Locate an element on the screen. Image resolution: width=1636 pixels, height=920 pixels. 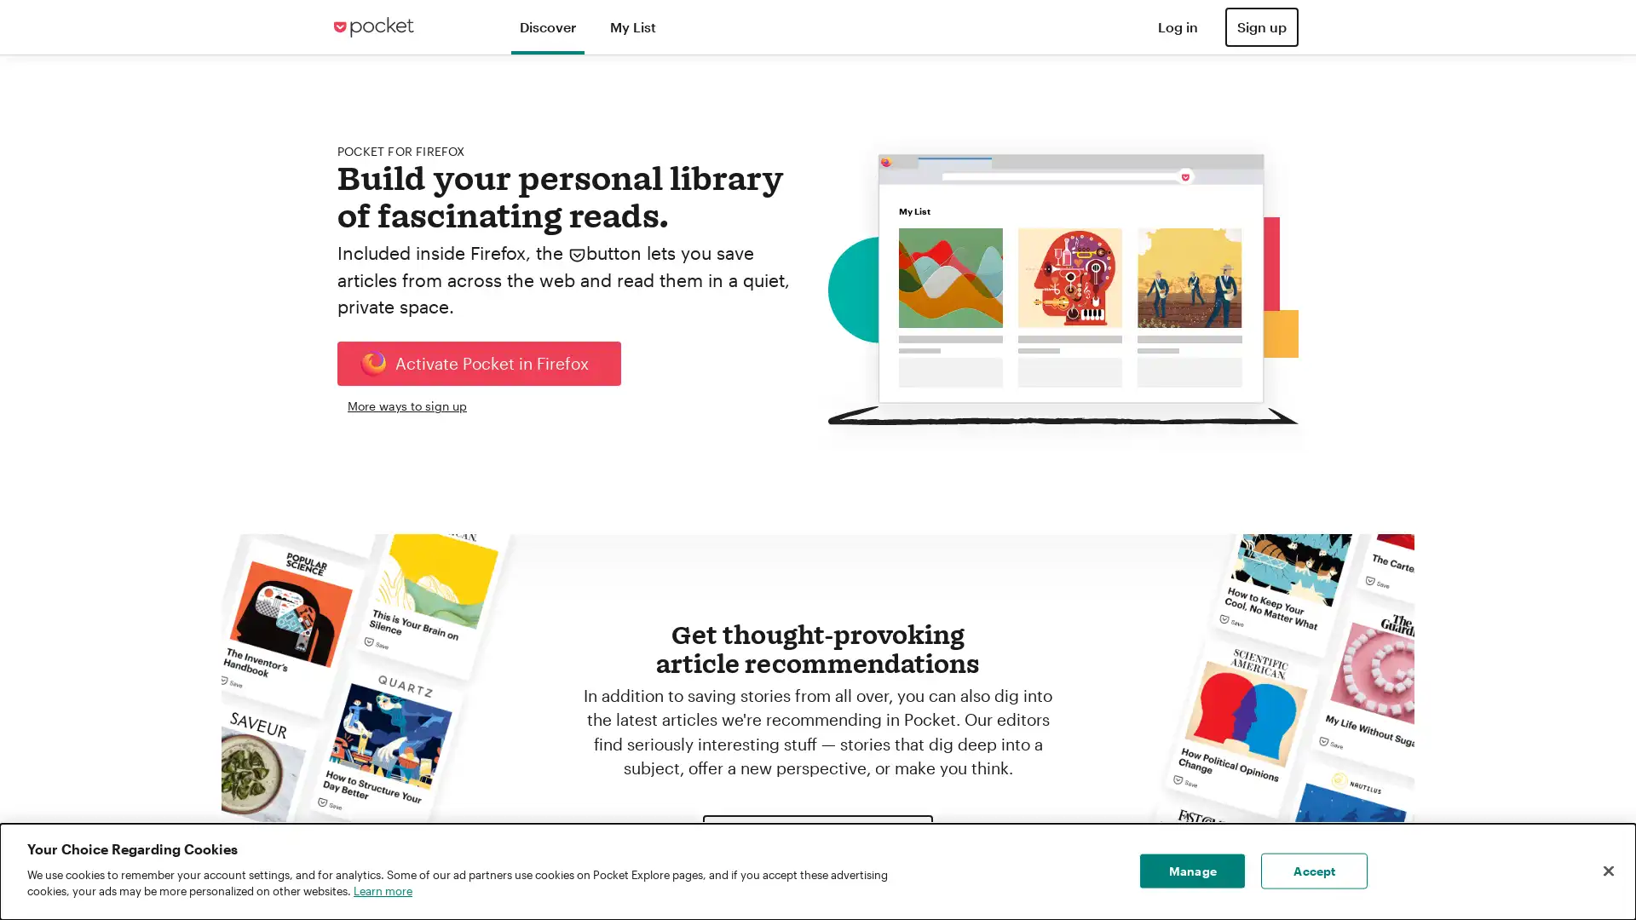
Close is located at coordinates (1607, 871).